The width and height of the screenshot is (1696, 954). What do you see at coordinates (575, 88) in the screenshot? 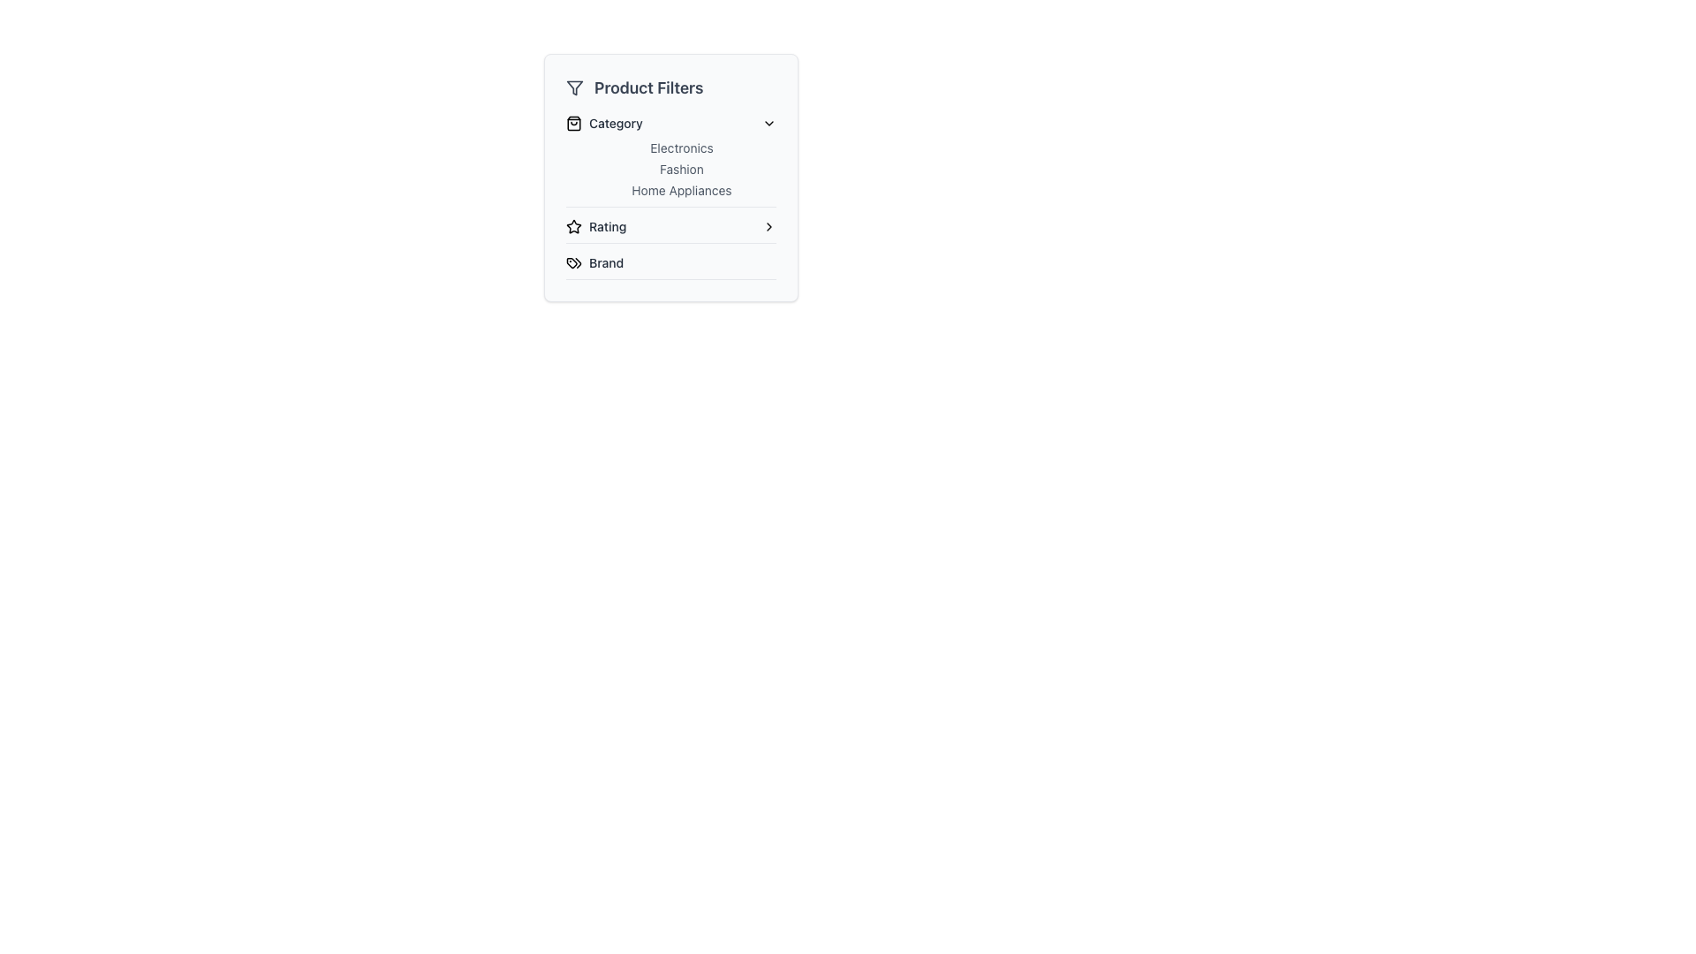
I see `the filter icon located at the top-left corner of the 'Product Filters' section in the left panel` at bounding box center [575, 88].